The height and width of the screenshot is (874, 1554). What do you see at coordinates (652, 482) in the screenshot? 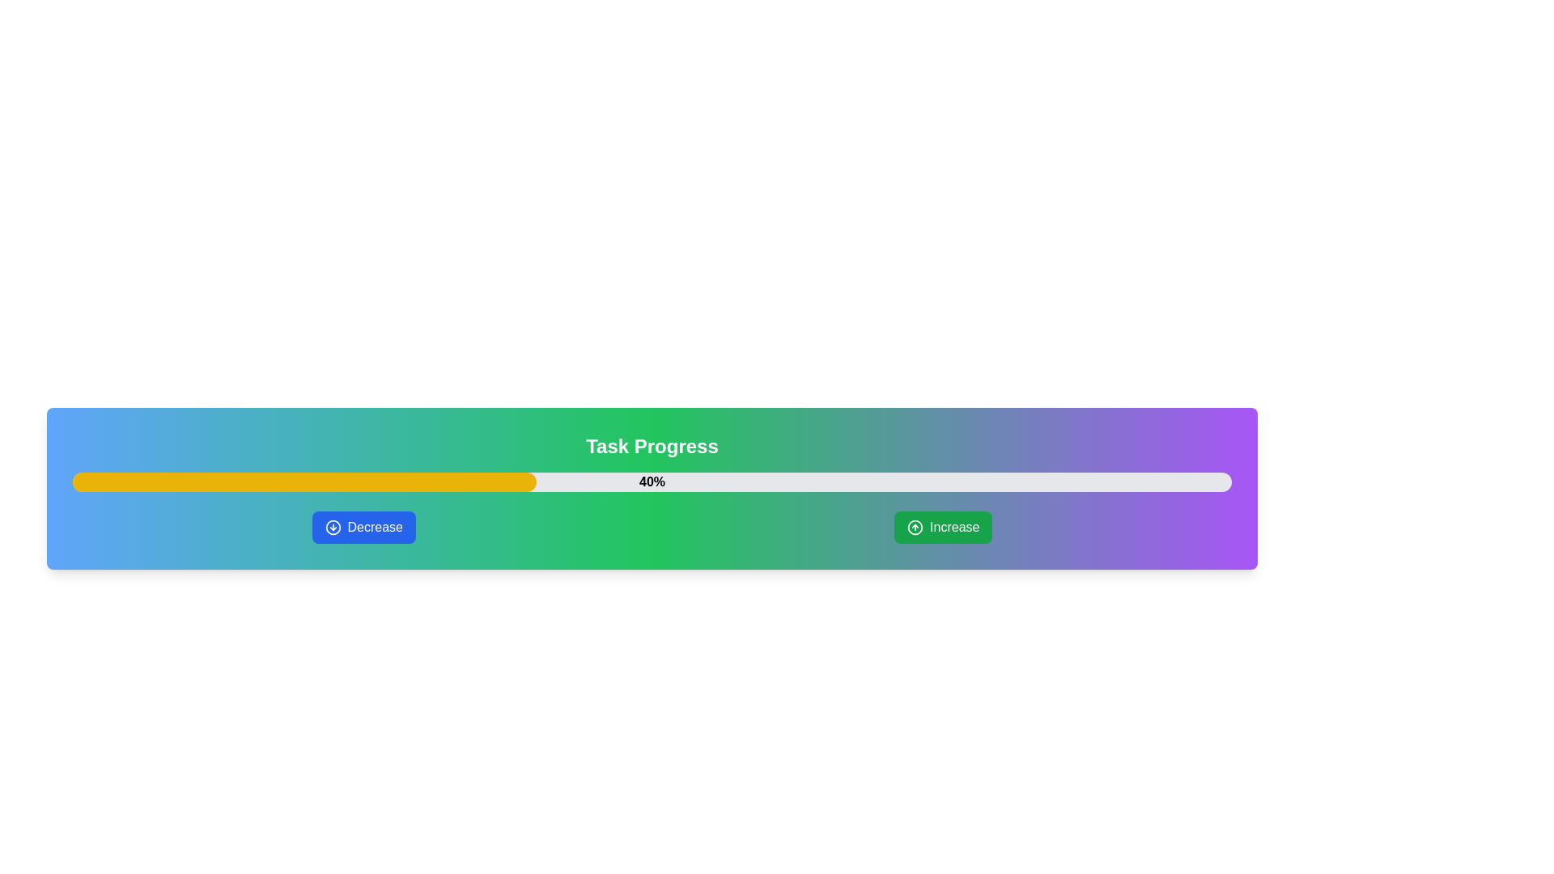
I see `the progress bar that visually indicates 40% completion, located centrally within a colorful card interface, below the 'Task Progress' title and above the 'Decrease' and 'Increase' buttons` at bounding box center [652, 482].